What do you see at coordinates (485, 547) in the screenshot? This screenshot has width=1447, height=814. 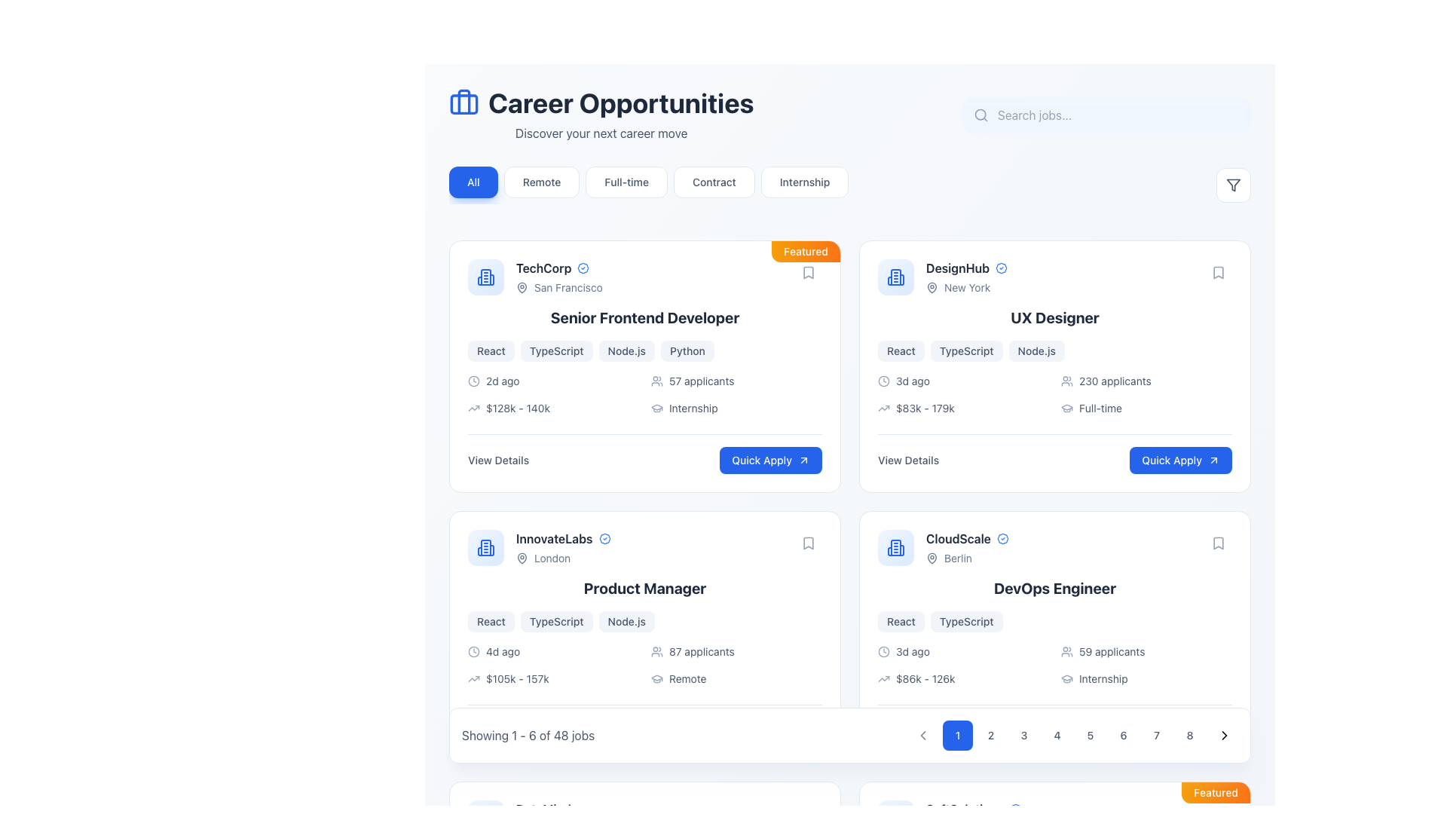 I see `the SVG icon representing the company associated with the InnovateLabs job listing` at bounding box center [485, 547].